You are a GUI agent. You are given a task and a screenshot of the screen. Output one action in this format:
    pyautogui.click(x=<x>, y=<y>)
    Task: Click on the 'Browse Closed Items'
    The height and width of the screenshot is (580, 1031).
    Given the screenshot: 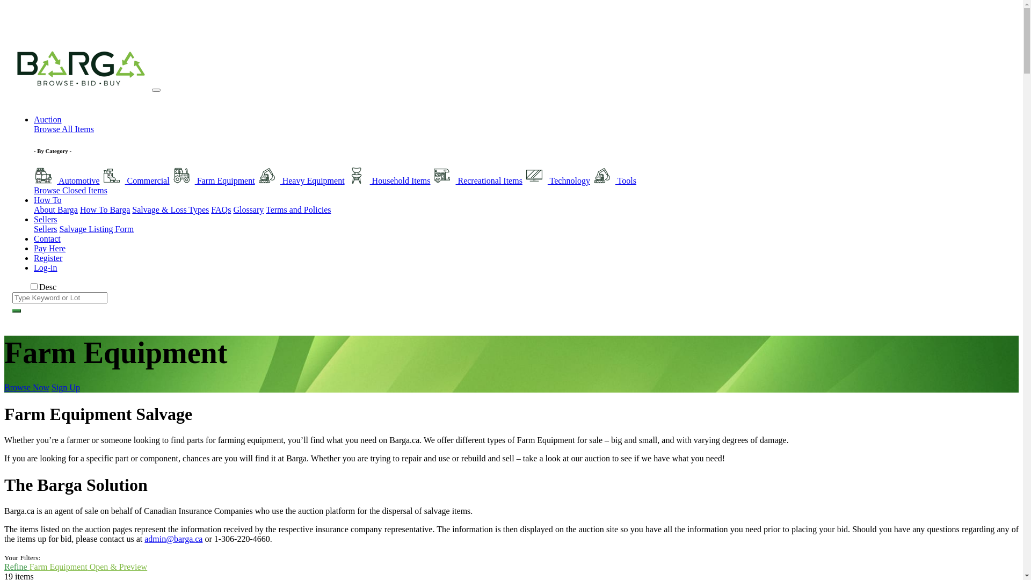 What is the action you would take?
    pyautogui.click(x=70, y=190)
    